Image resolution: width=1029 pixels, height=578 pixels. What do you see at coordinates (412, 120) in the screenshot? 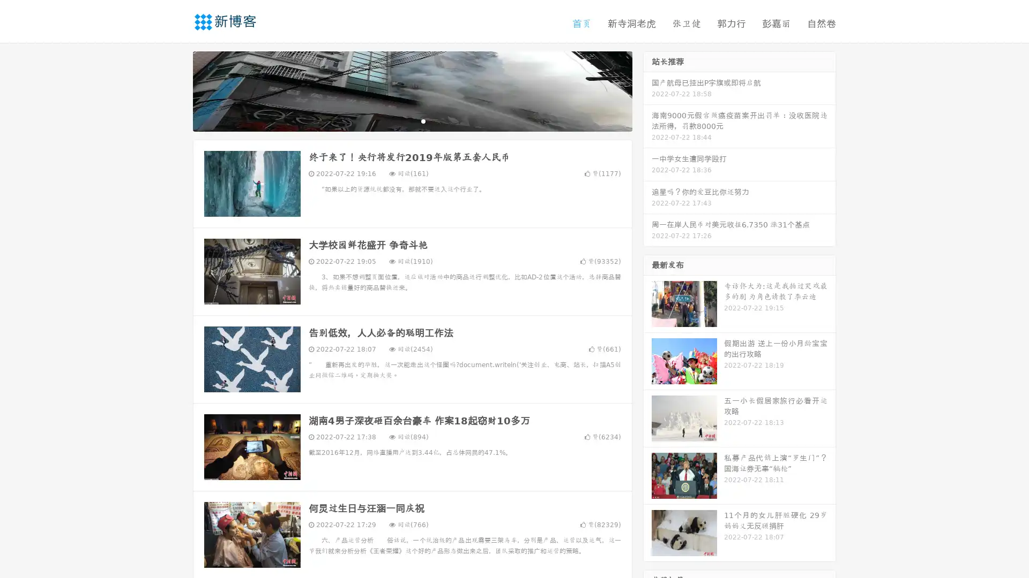
I see `Go to slide 2` at bounding box center [412, 120].